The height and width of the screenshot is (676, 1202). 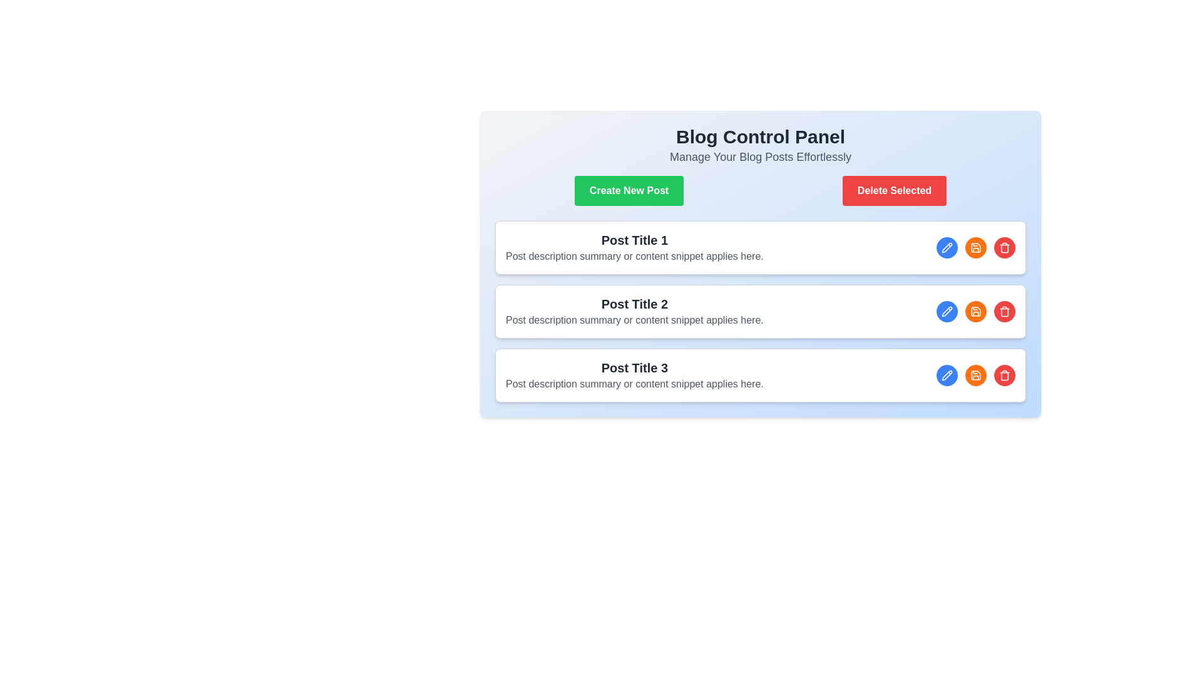 What do you see at coordinates (634, 304) in the screenshot?
I see `header text element identified as 'Post Title 2', which is a bolded title in dark gray color and large font size, positioned prominently above descriptive text` at bounding box center [634, 304].